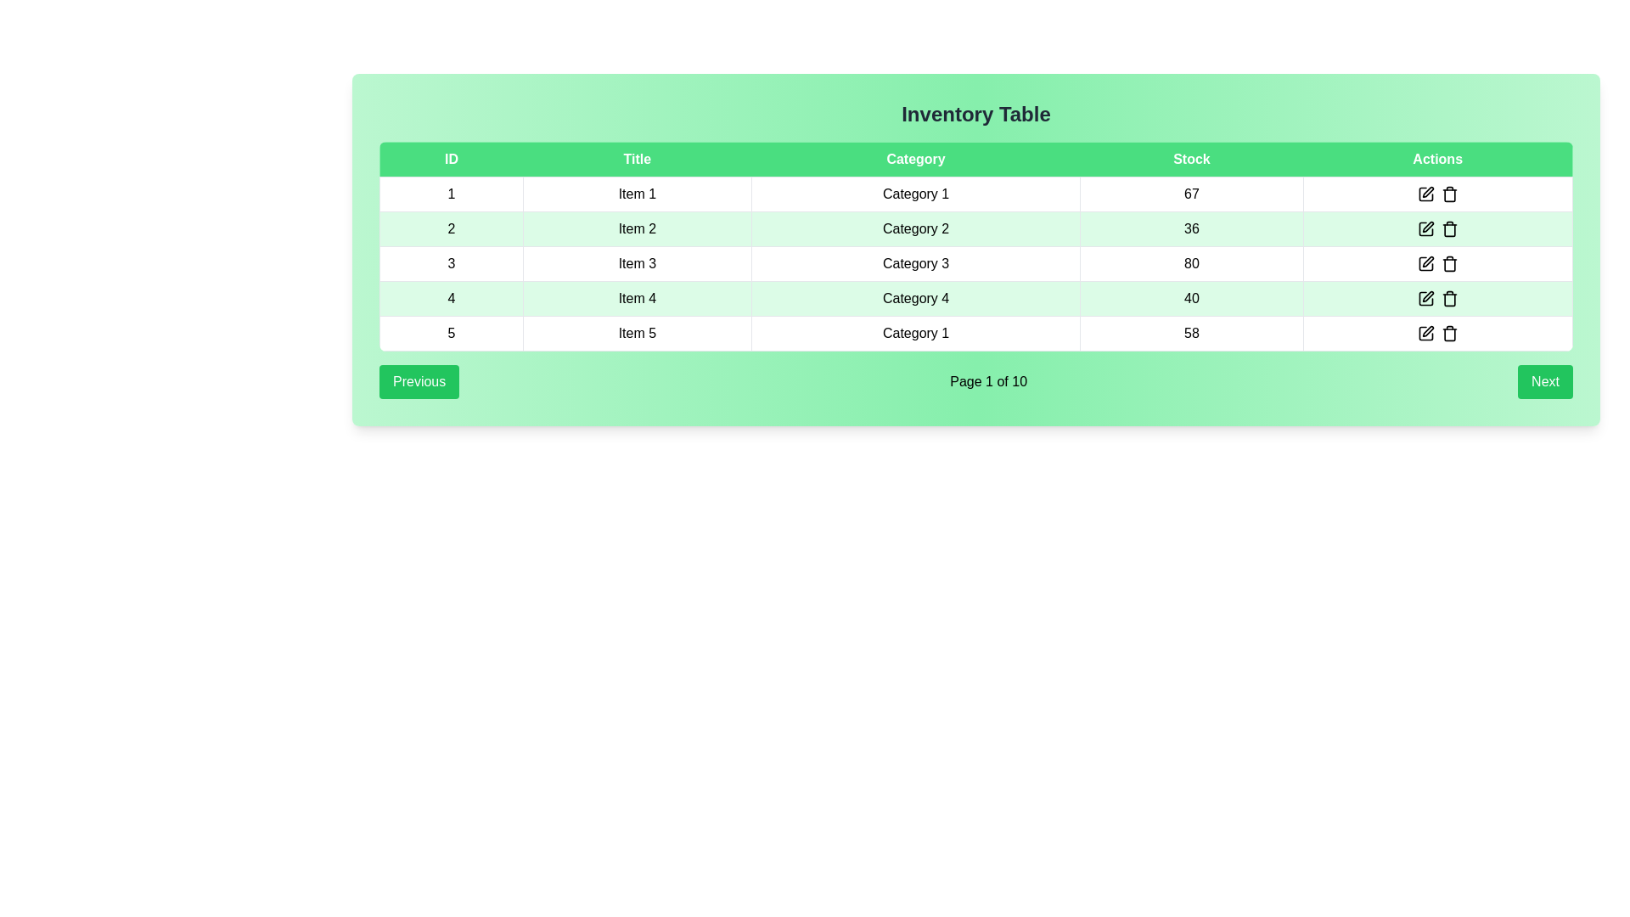 The height and width of the screenshot is (917, 1630). What do you see at coordinates (636, 334) in the screenshot?
I see `the text label that reads 'Item 5' located in the fifth row of the table under the 'Title' column` at bounding box center [636, 334].